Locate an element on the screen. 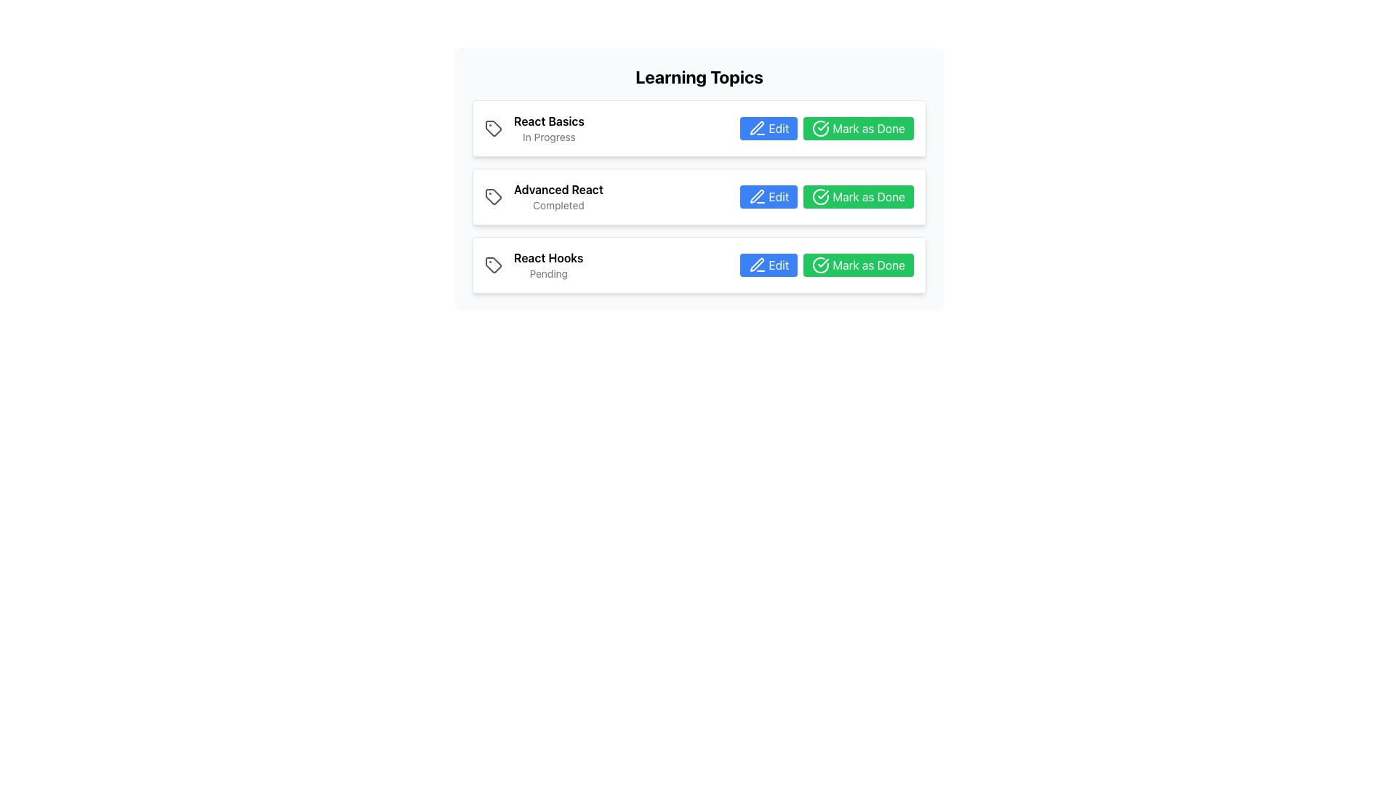 The width and height of the screenshot is (1396, 785). the text label 'React Hooks', which is styled in bold and larger font, located in the third row of entries under the 'Learning Topics' section is located at coordinates (547, 257).